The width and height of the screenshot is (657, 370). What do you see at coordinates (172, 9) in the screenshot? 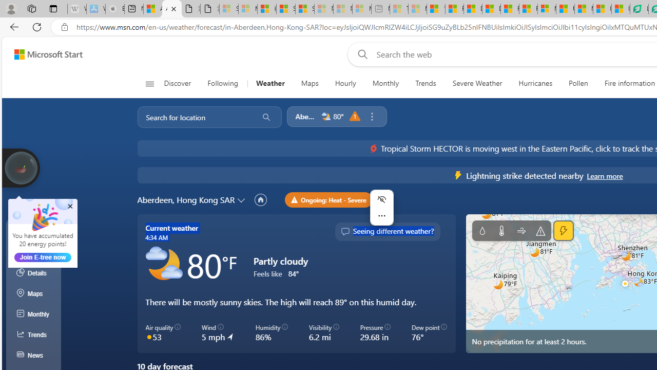
I see `'Aberdeen, Hong Kong SAR weather forecast | Microsoft Weather'` at bounding box center [172, 9].